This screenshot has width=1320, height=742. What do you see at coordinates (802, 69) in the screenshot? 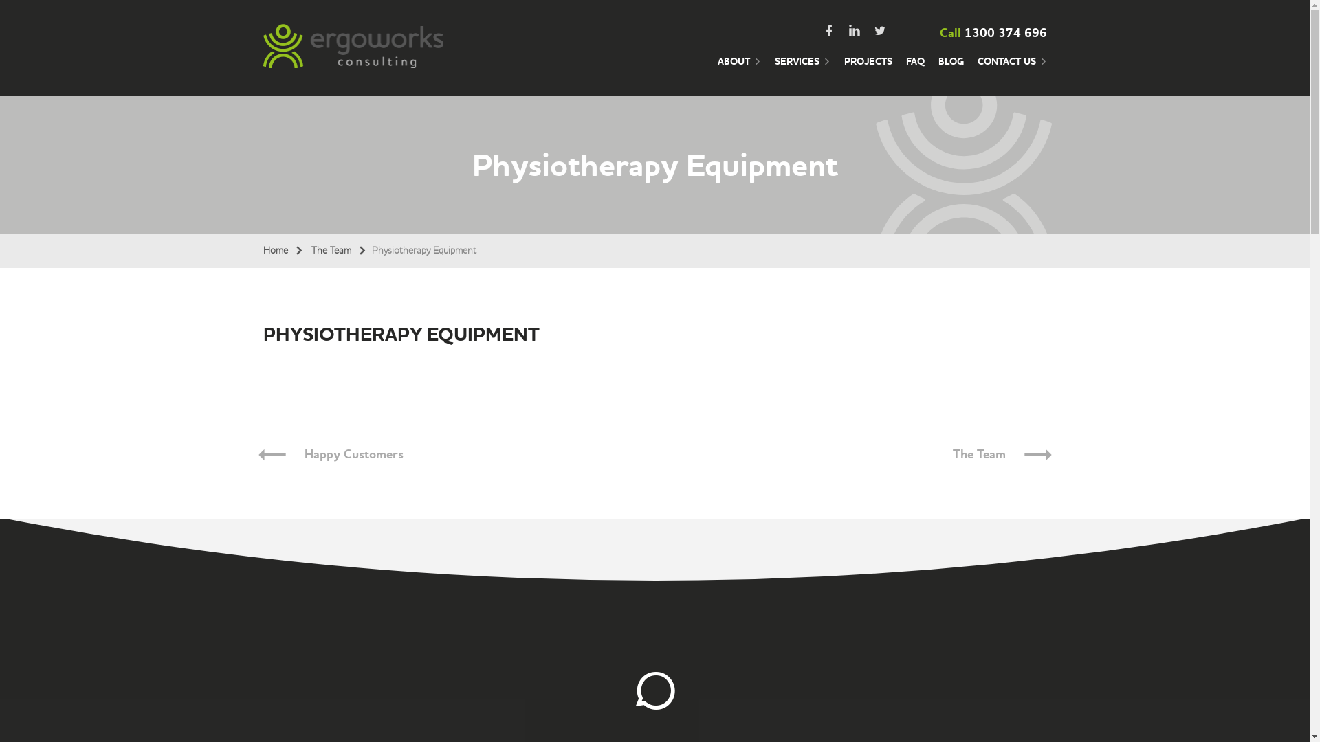
I see `'SERVICES'` at bounding box center [802, 69].